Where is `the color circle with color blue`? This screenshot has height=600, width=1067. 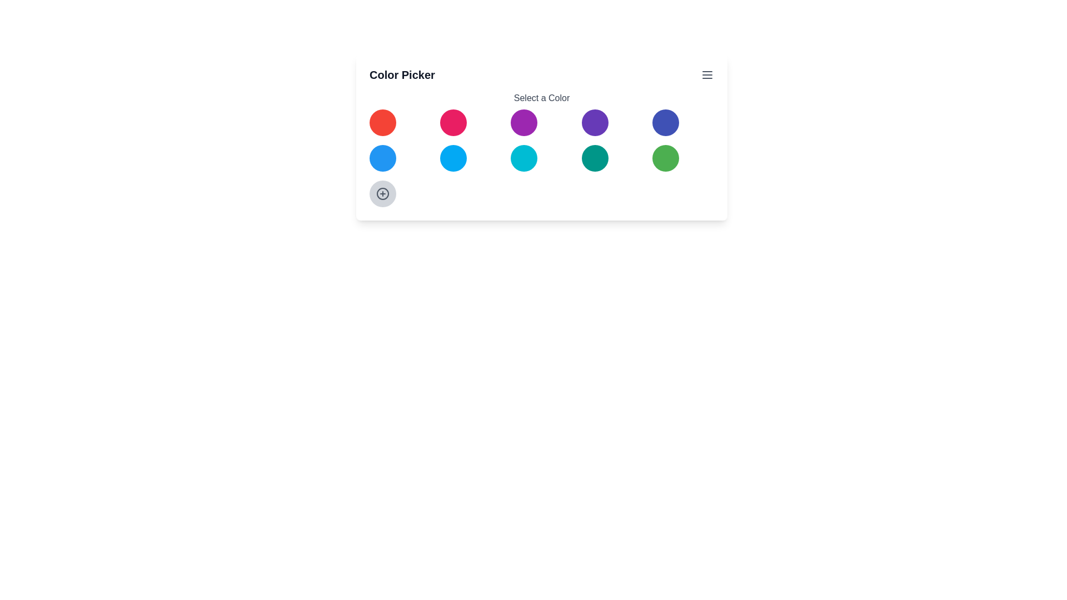
the color circle with color blue is located at coordinates (383, 158).